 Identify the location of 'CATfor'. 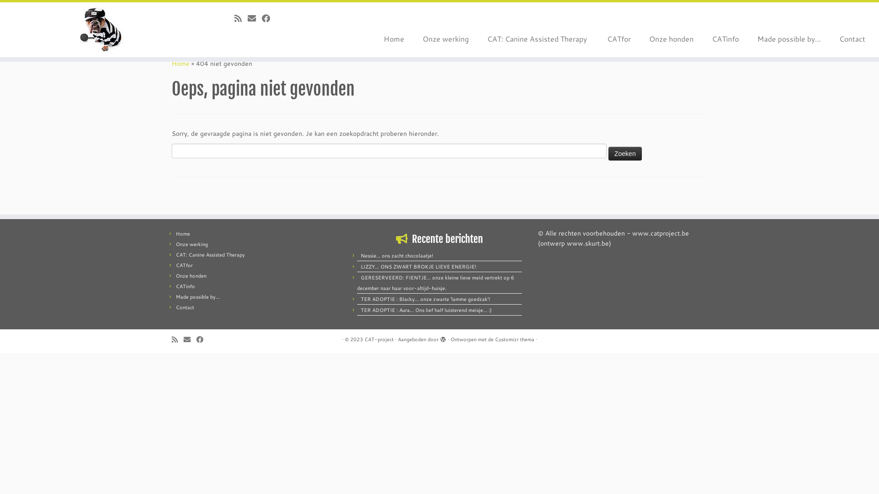
(184, 265).